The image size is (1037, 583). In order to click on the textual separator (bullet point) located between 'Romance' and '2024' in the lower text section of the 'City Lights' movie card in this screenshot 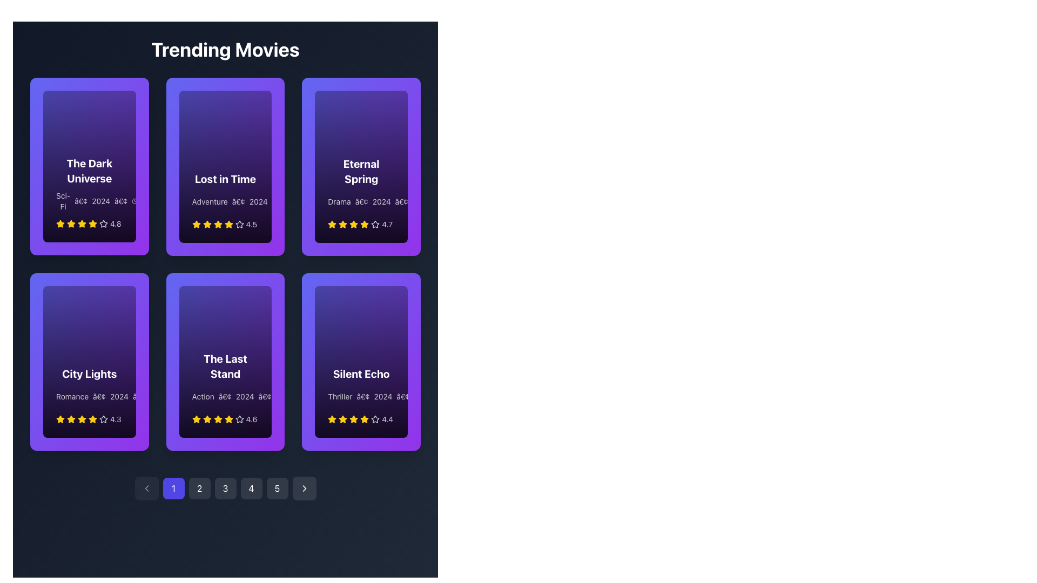, I will do `click(99, 396)`.